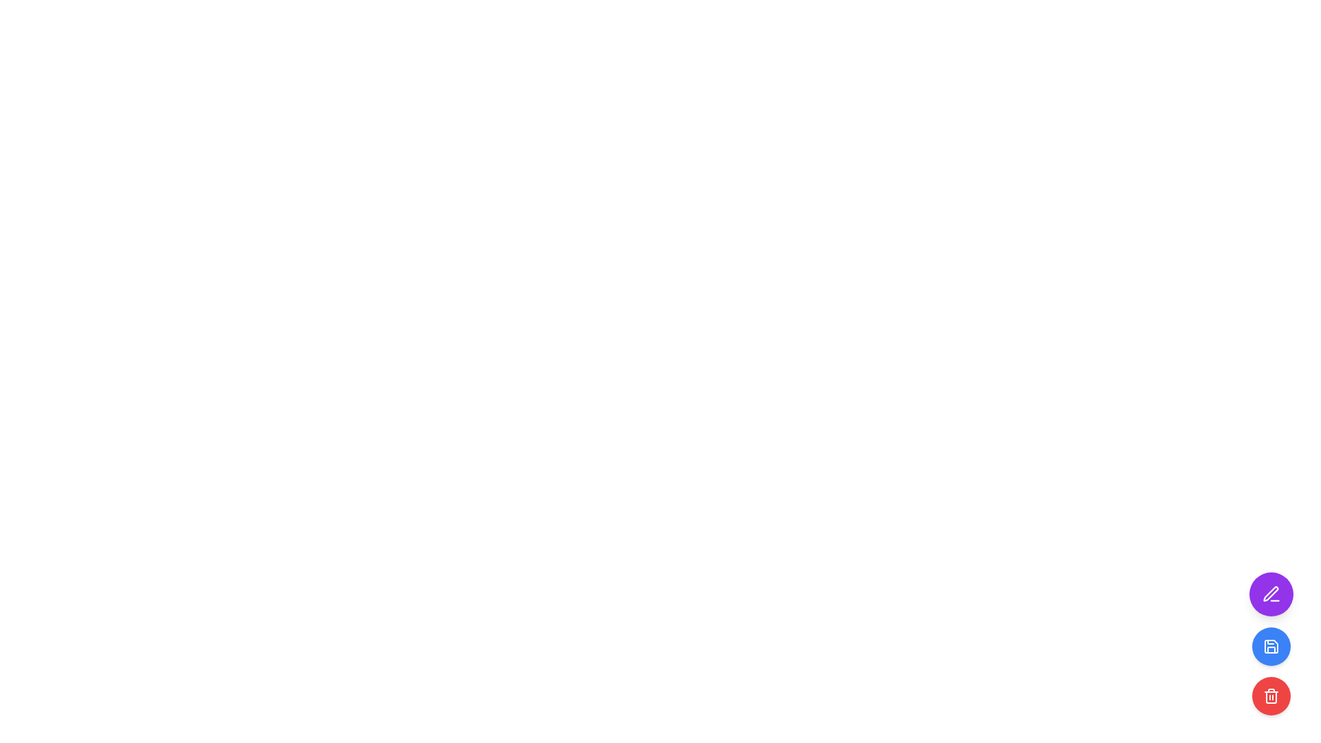 The height and width of the screenshot is (743, 1321). Describe the element at coordinates (1271, 644) in the screenshot. I see `the blue circular button with a white save icon at its center, located in the middle of three circular buttons at the bottom-right corner of the interface` at that location.